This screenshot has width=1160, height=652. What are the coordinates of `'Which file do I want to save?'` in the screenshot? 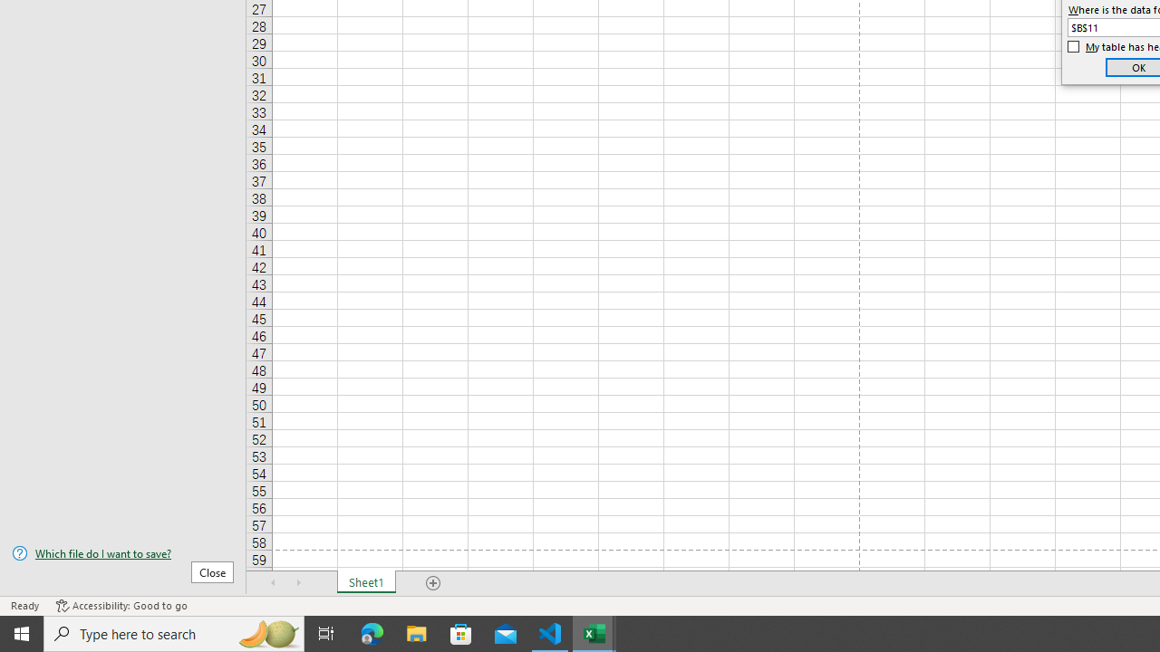 It's located at (122, 552).